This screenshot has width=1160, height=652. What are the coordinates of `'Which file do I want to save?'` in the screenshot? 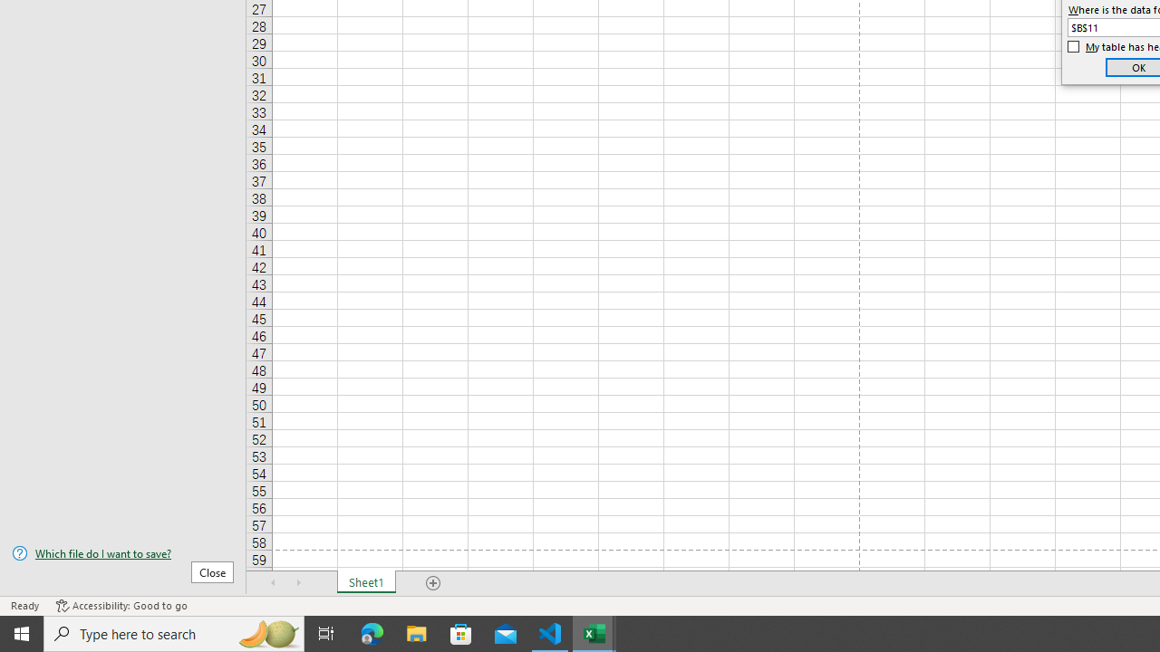 It's located at (122, 552).